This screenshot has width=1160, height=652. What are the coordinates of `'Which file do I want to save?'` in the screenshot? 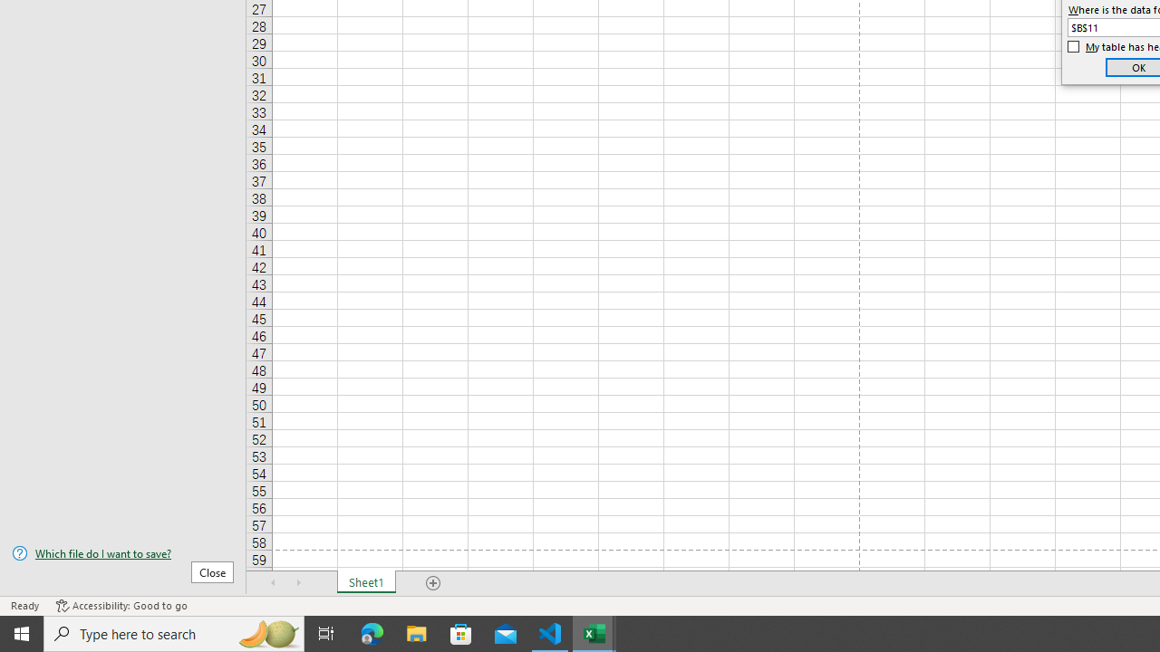 It's located at (122, 552).